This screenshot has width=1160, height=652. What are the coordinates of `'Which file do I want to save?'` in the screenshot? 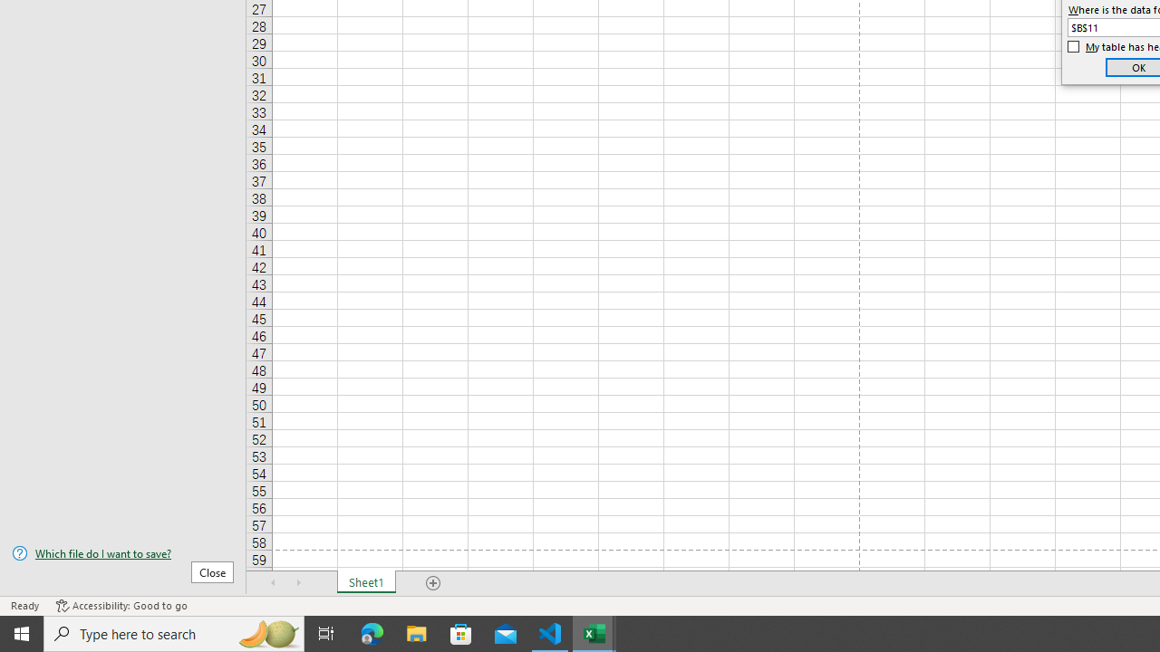 It's located at (122, 552).